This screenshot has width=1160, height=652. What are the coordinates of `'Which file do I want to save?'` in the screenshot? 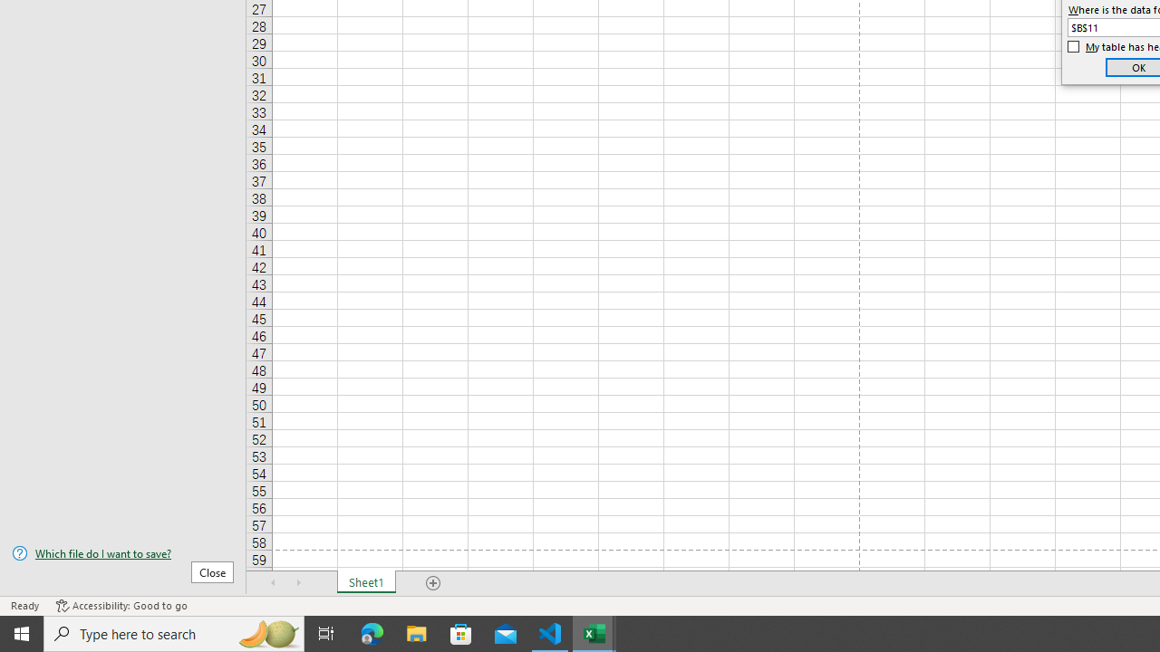 It's located at (122, 552).